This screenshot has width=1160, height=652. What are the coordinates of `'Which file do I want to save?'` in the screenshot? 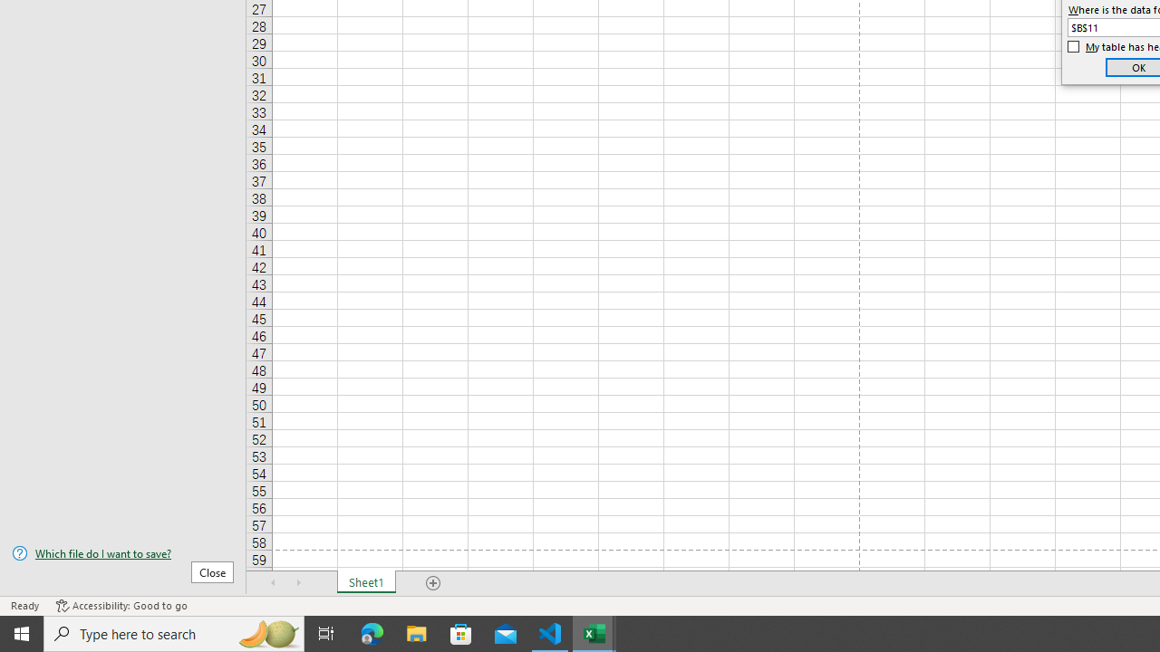 It's located at (122, 552).